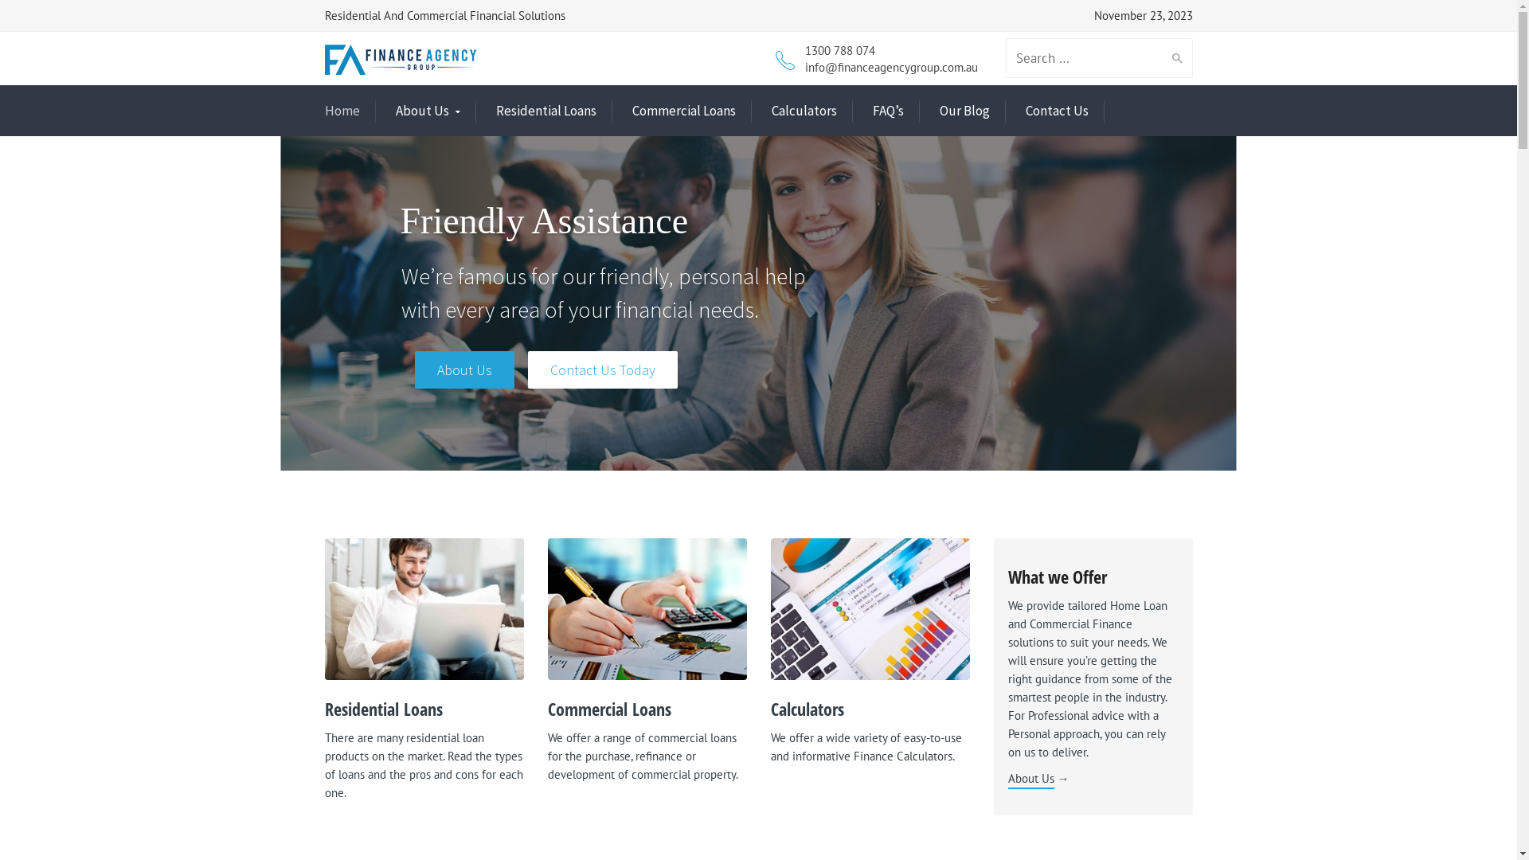  Describe the element at coordinates (684, 110) in the screenshot. I see `'Commercial Loans'` at that location.